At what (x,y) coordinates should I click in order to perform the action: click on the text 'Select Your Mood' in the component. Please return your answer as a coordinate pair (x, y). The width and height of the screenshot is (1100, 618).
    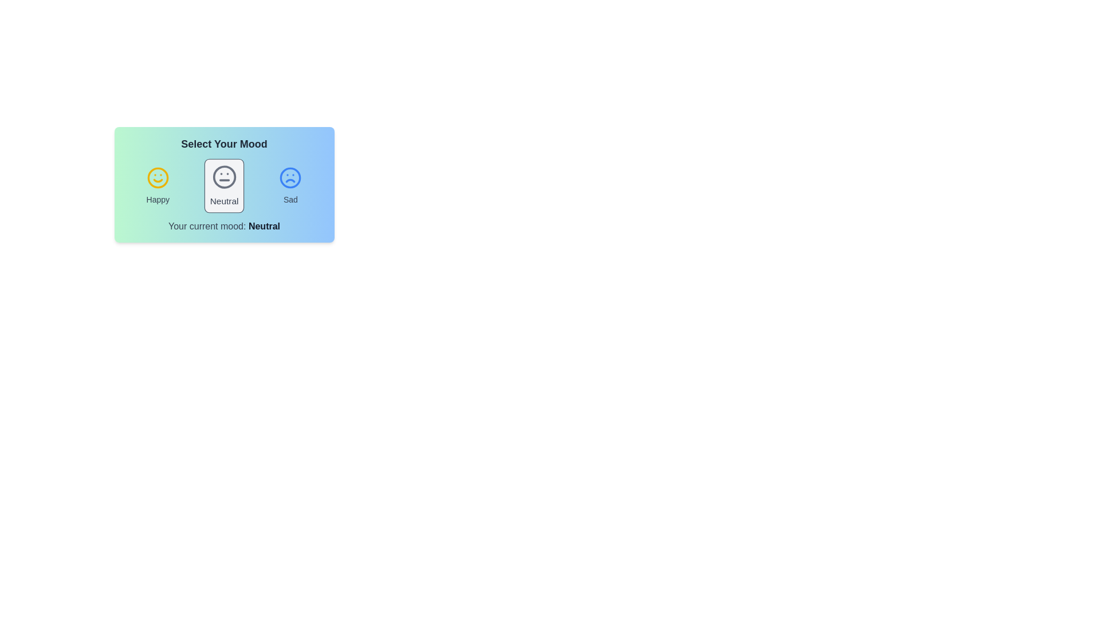
    Looking at the image, I should click on (224, 143).